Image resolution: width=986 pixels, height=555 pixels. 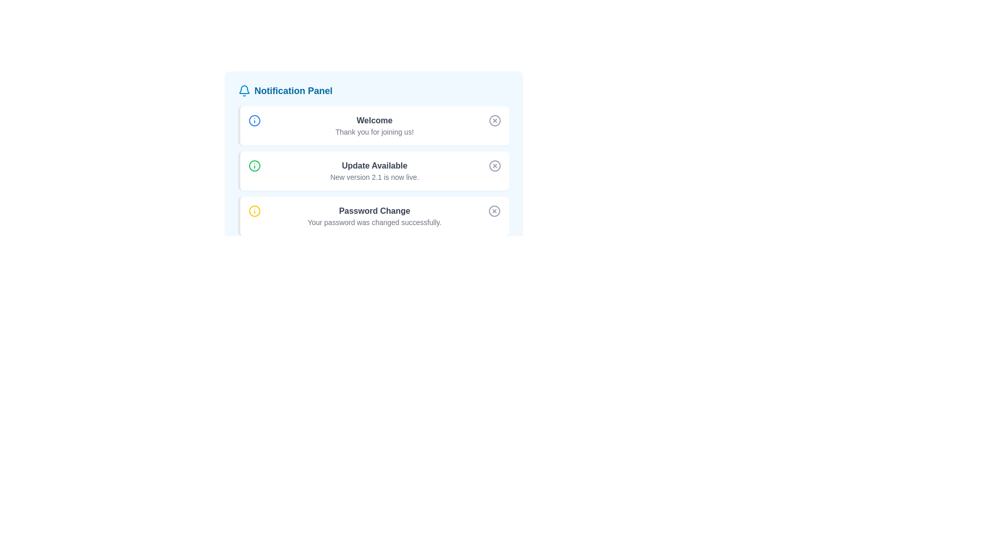 What do you see at coordinates (374, 120) in the screenshot?
I see `the greeting header text located at the top of the notification card in the notification panel` at bounding box center [374, 120].